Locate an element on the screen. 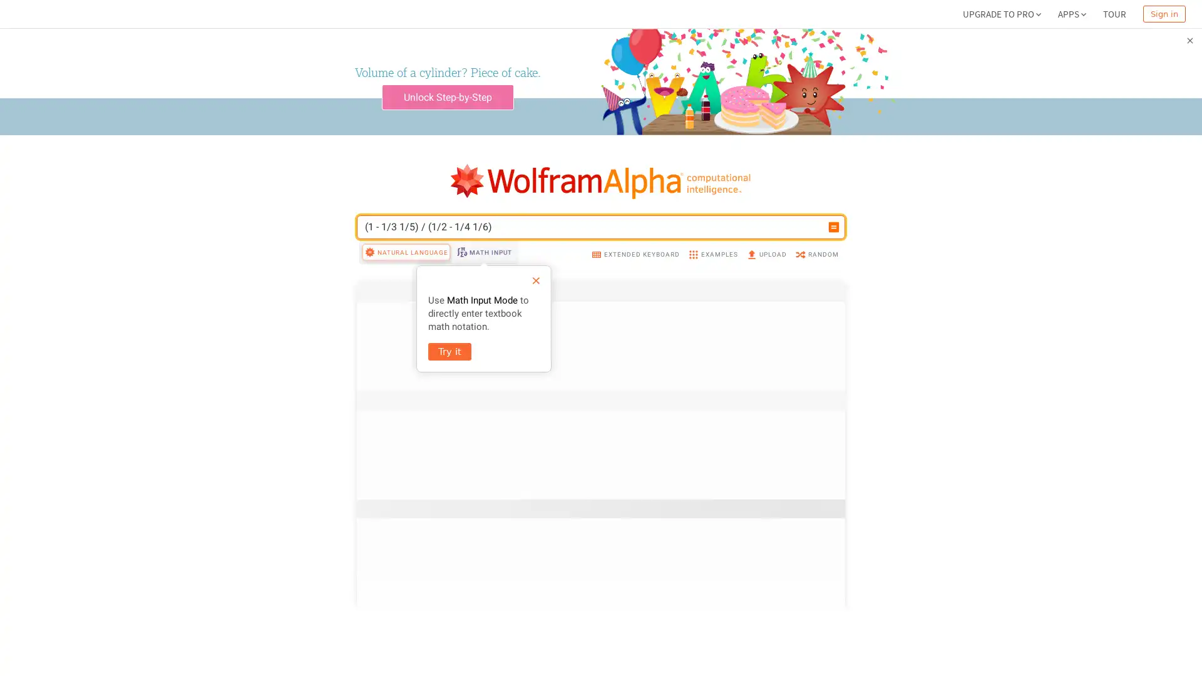  Fraction form is located at coordinates (803, 621).